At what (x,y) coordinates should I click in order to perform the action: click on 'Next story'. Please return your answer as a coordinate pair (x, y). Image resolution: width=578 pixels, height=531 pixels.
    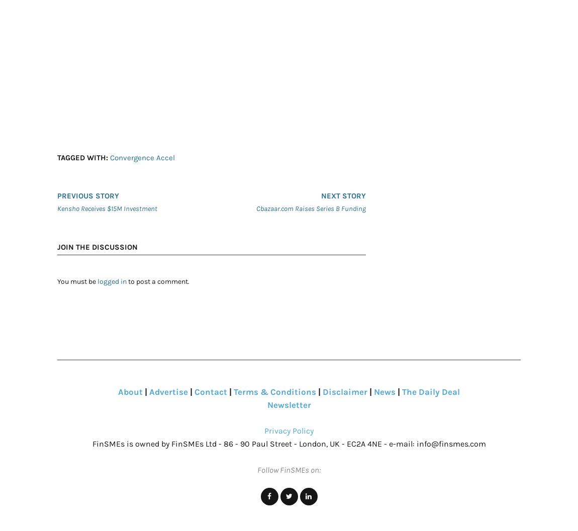
    Looking at the image, I should click on (343, 195).